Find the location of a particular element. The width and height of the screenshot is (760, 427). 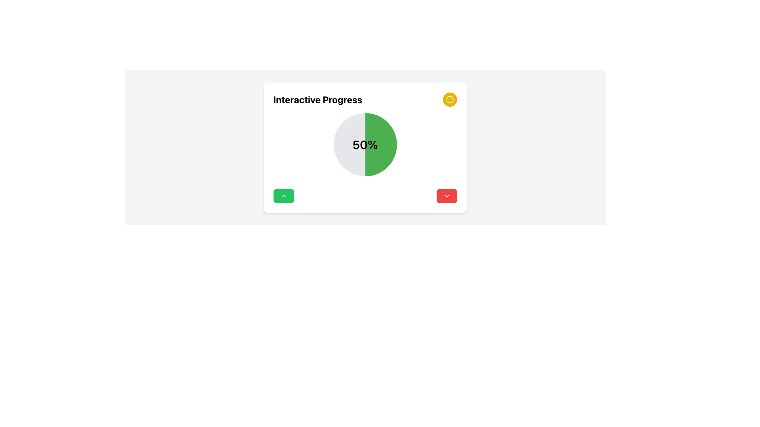

the green circular button icon located at the bottom-left corner of the card titled 'Interactive Progress' is located at coordinates (283, 196).